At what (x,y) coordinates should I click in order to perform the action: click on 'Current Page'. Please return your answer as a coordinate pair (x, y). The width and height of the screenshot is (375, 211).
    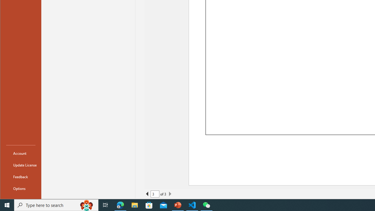
    Looking at the image, I should click on (155, 194).